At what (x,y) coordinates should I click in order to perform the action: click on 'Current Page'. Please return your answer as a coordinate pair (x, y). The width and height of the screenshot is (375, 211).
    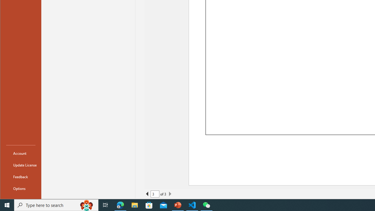
    Looking at the image, I should click on (155, 194).